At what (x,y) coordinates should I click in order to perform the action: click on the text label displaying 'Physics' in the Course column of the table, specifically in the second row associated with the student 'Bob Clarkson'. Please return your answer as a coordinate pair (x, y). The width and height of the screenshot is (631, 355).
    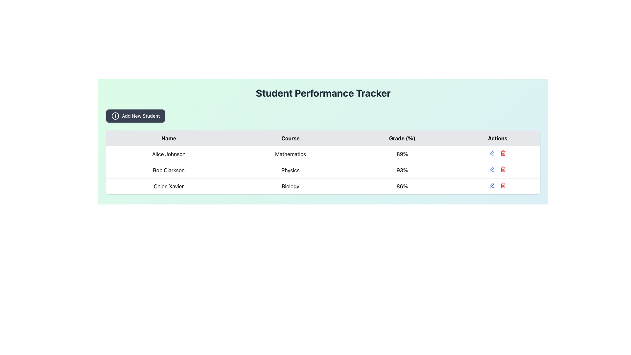
    Looking at the image, I should click on (290, 170).